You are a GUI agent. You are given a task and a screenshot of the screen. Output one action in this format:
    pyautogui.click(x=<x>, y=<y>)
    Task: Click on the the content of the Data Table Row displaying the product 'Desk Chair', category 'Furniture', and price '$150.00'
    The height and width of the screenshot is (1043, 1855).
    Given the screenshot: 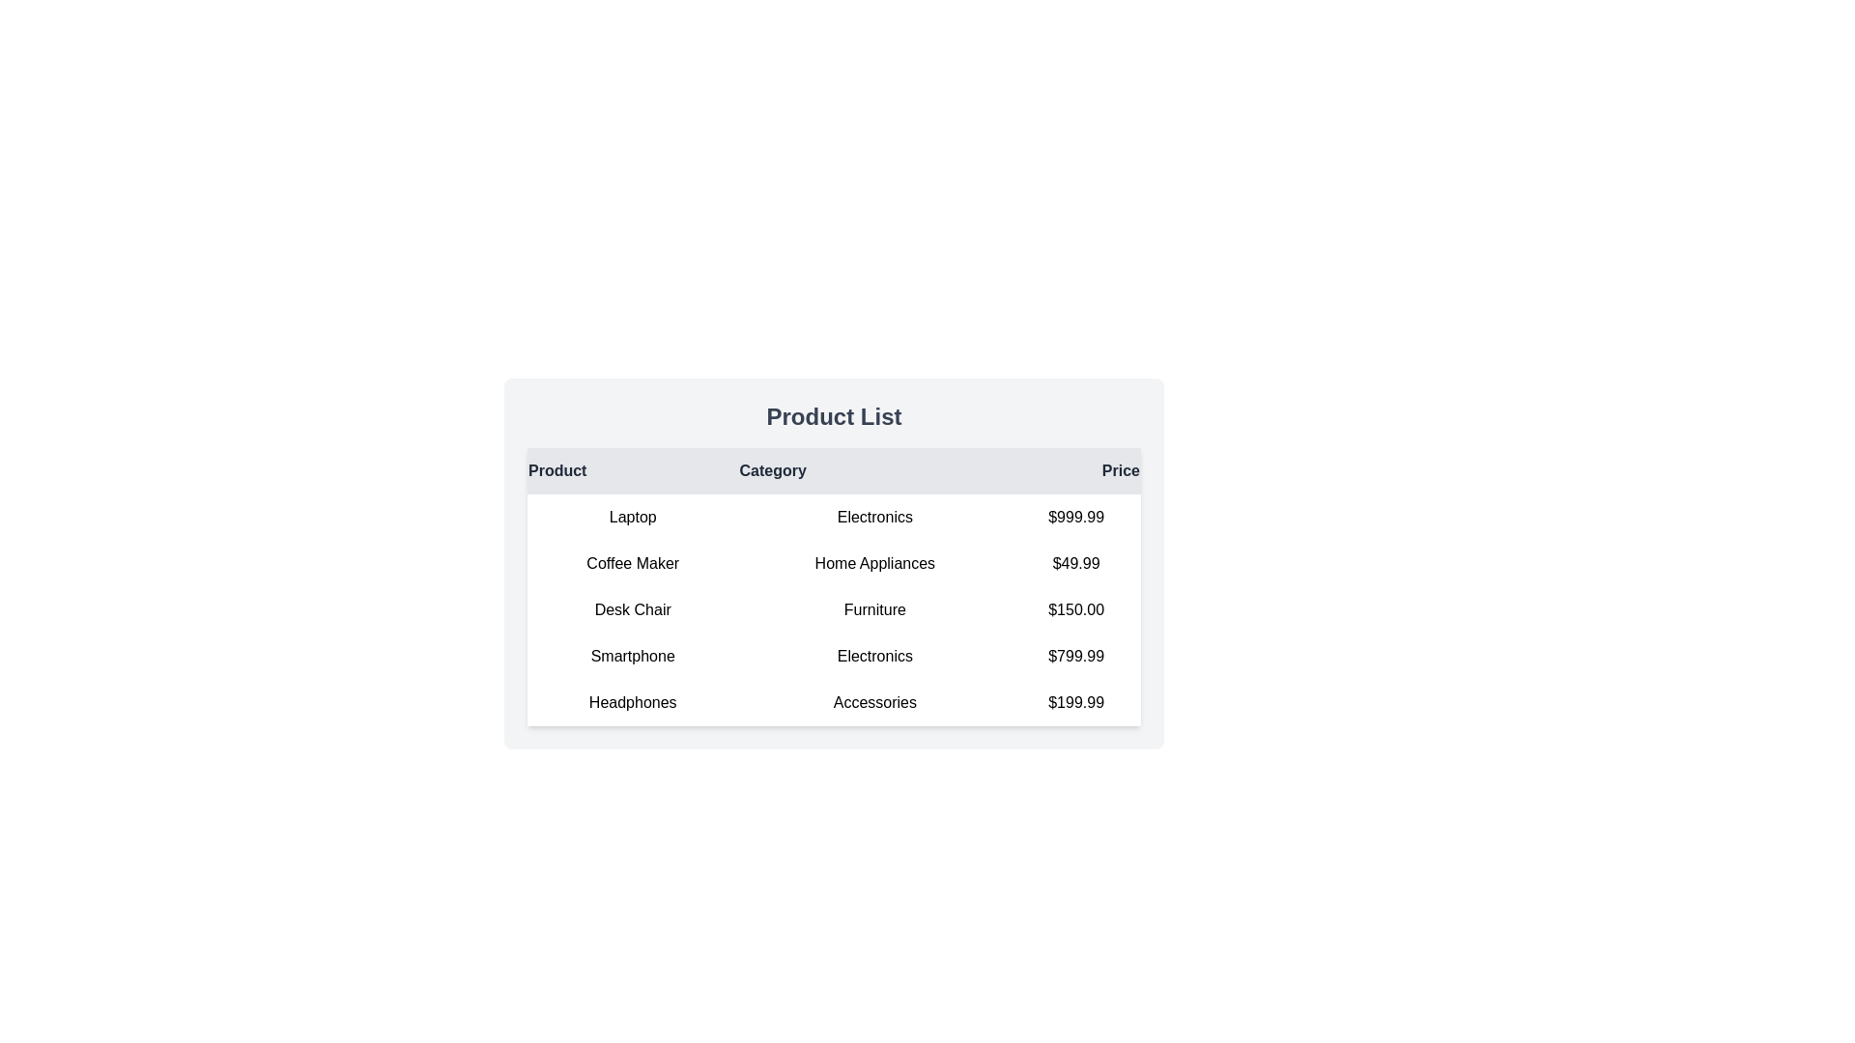 What is the action you would take?
    pyautogui.click(x=834, y=610)
    